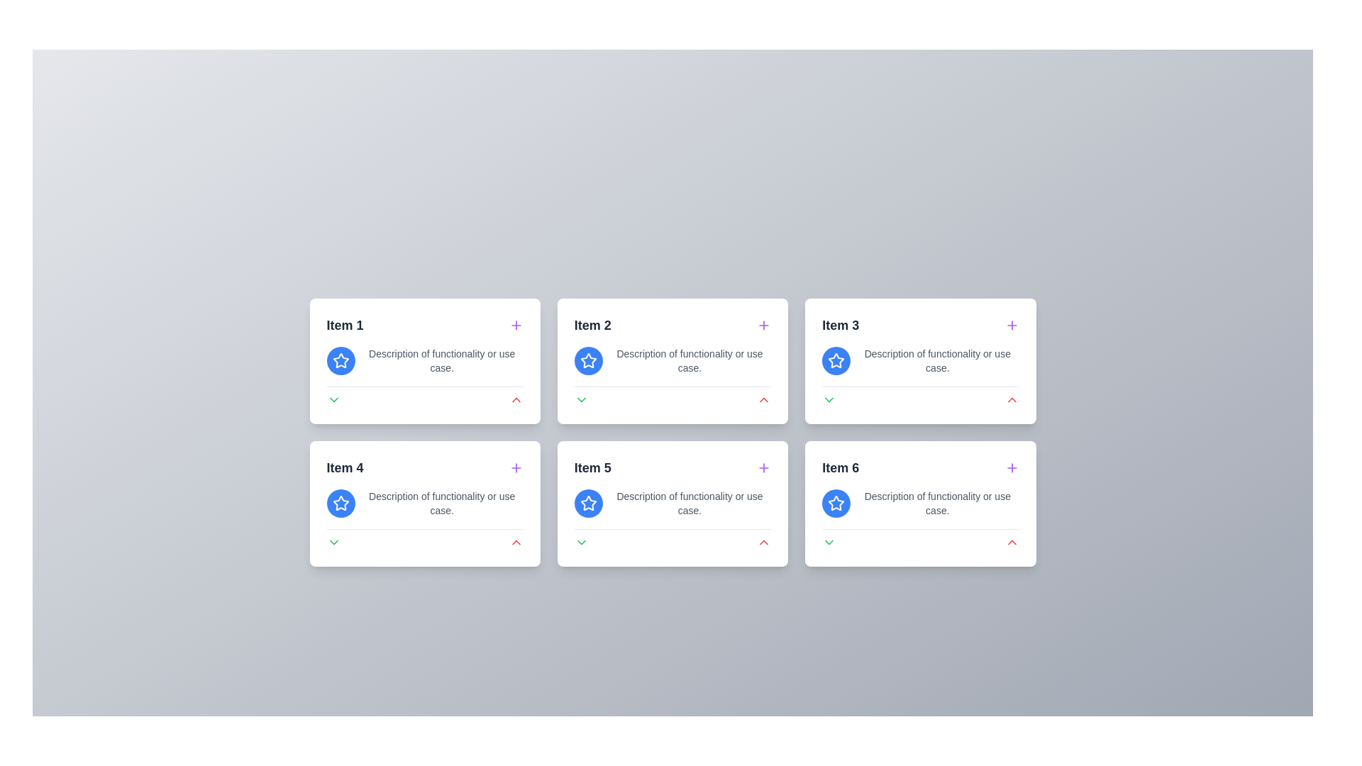 This screenshot has width=1362, height=766. What do you see at coordinates (515, 326) in the screenshot?
I see `the '+' icon button styled in purple, located adjacent to the 'Item 1' text to observe visual feedback` at bounding box center [515, 326].